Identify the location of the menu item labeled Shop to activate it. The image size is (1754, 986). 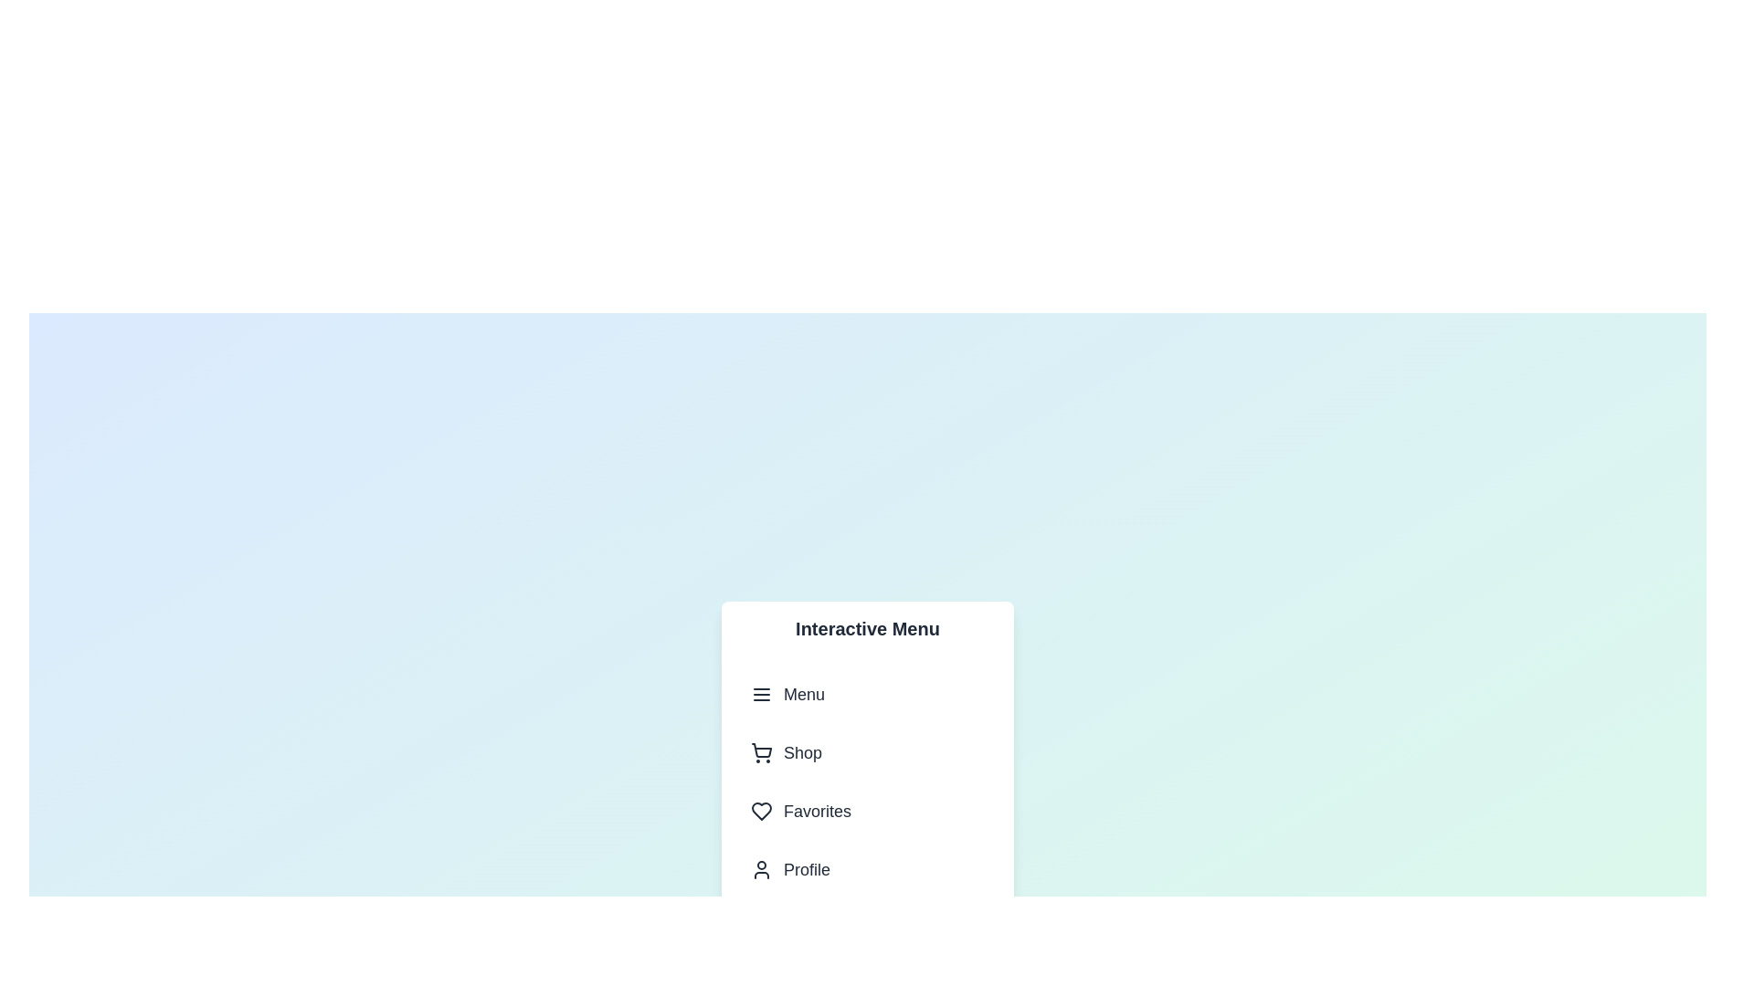
(867, 752).